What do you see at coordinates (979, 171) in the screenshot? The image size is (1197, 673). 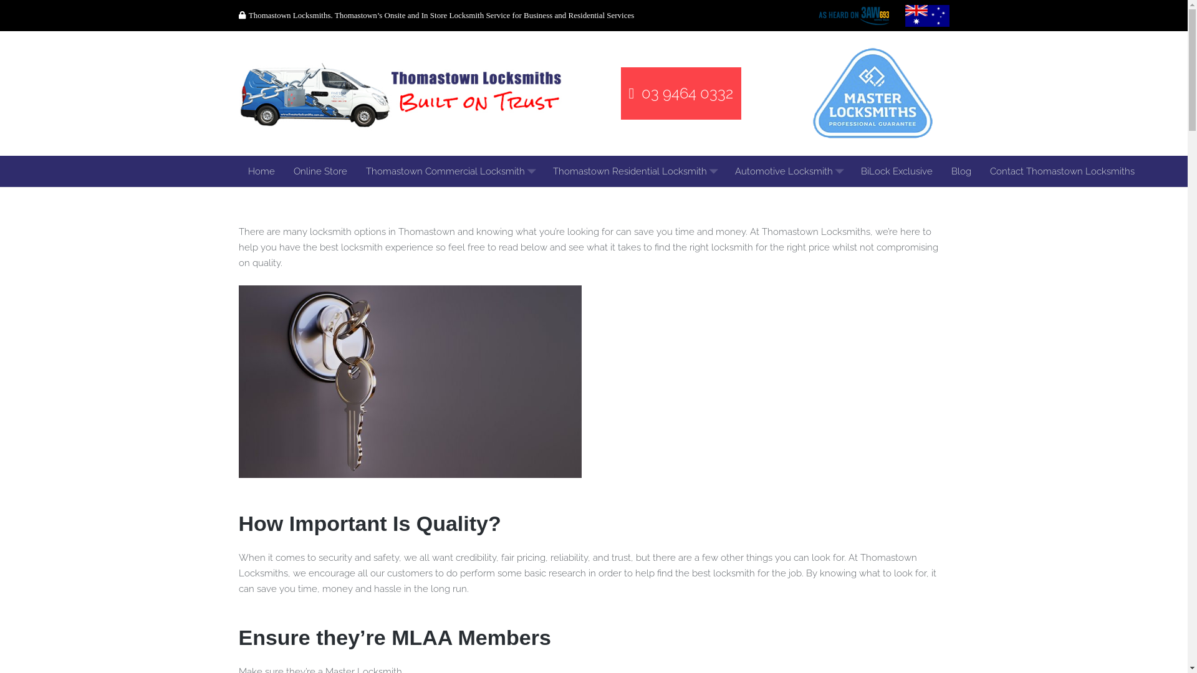 I see `'Contact Thomastown Locksmiths'` at bounding box center [979, 171].